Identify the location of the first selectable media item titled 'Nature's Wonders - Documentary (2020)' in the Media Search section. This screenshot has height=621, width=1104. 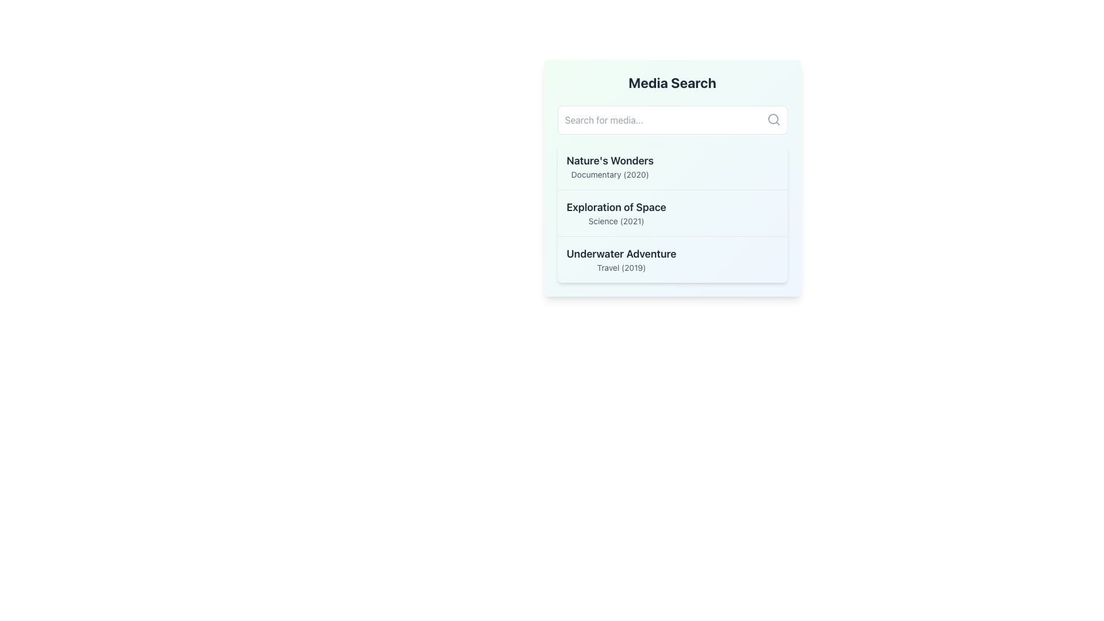
(672, 166).